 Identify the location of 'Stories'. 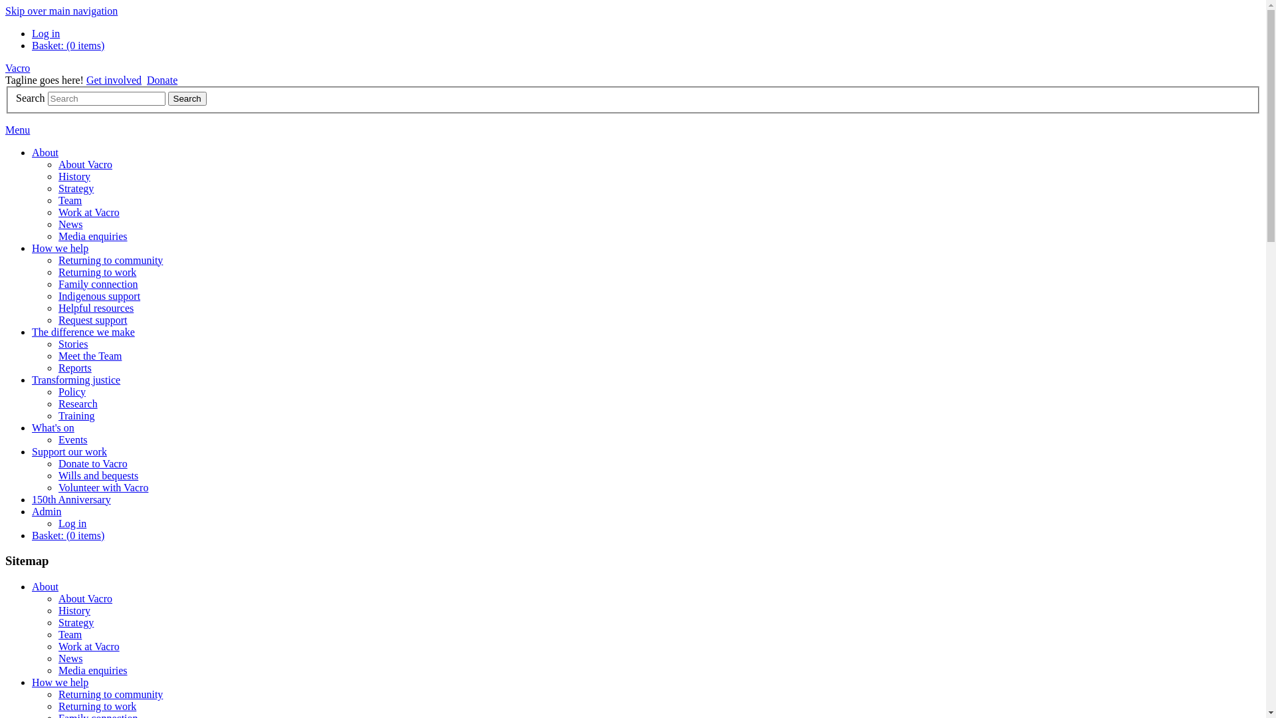
(72, 343).